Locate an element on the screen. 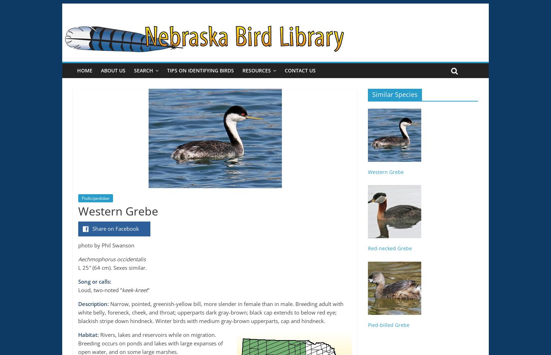 The width and height of the screenshot is (551, 355). 'keek-kreet' is located at coordinates (134, 290).